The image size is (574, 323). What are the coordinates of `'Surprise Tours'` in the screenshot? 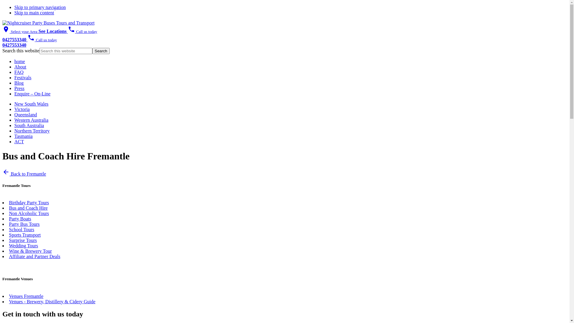 It's located at (9, 240).